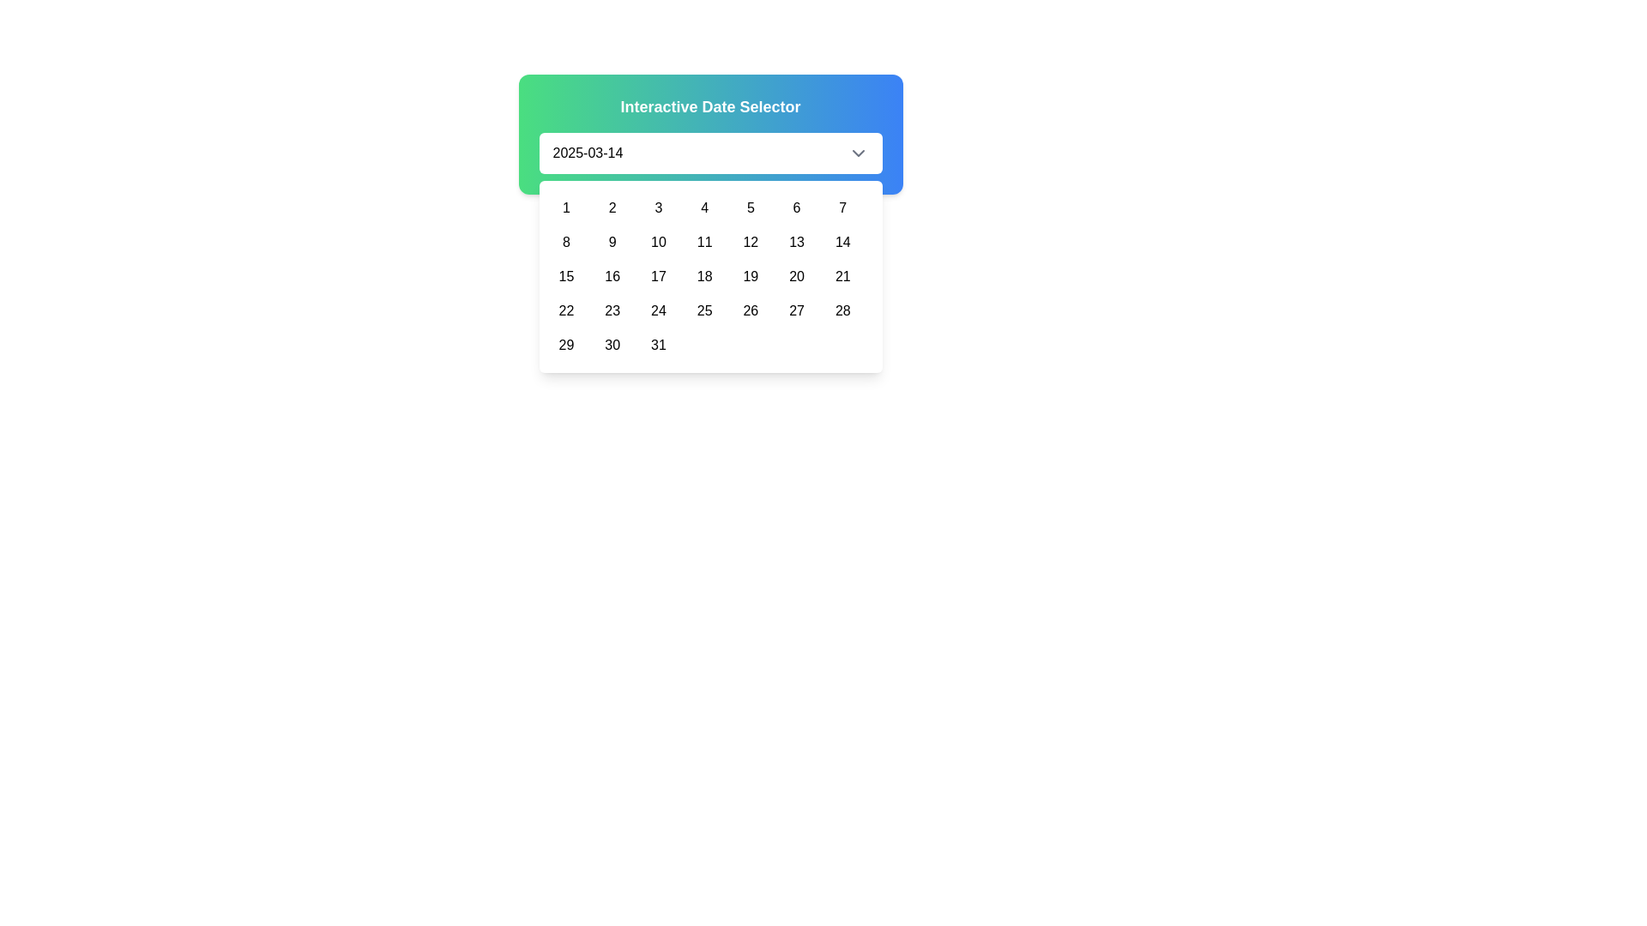  I want to click on the small square button with the number '31' centered within it, so click(658, 345).